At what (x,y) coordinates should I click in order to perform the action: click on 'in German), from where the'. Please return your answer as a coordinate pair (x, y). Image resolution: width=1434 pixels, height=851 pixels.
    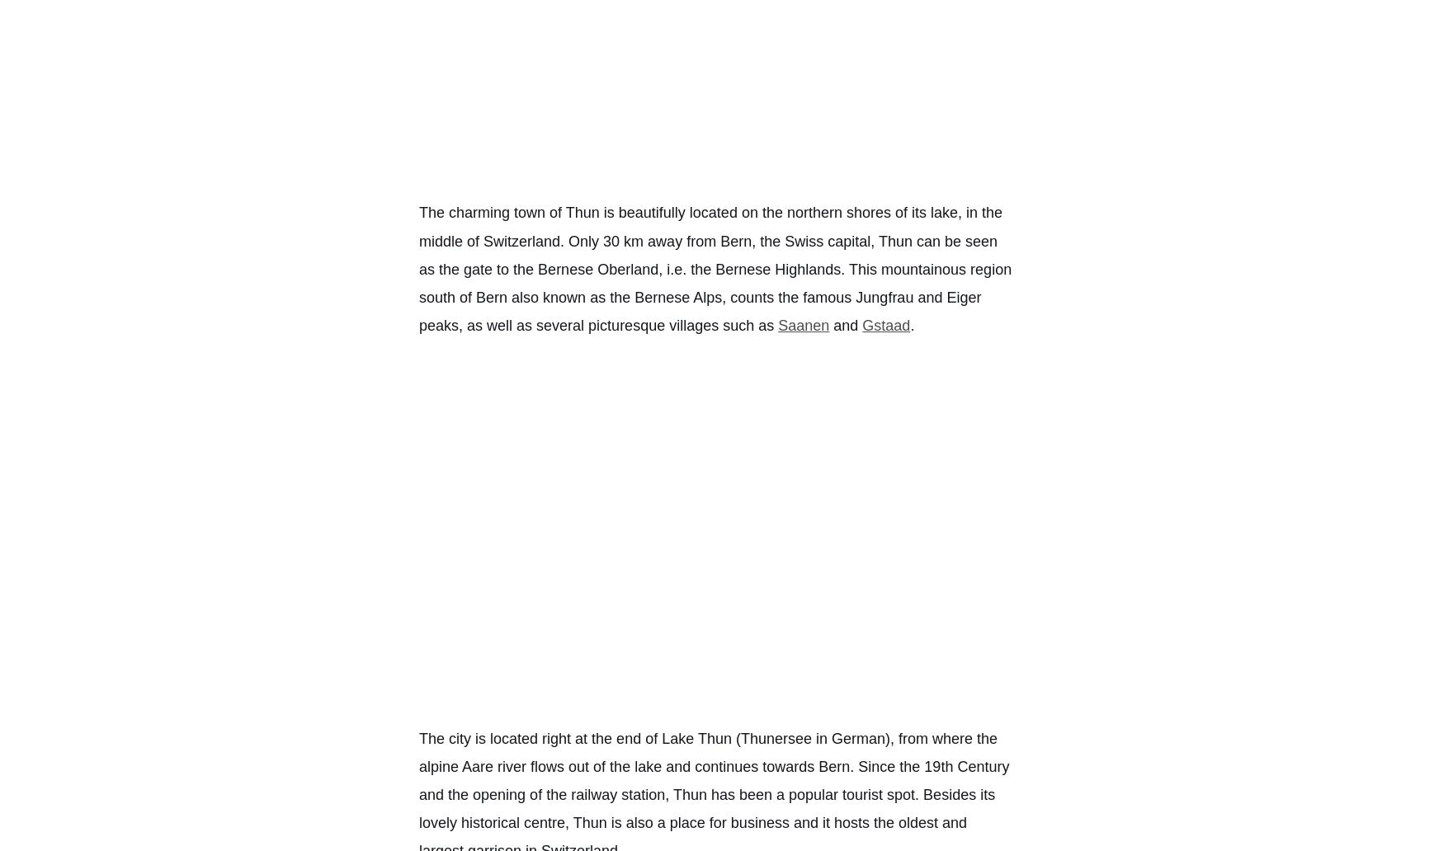
    Looking at the image, I should click on (903, 737).